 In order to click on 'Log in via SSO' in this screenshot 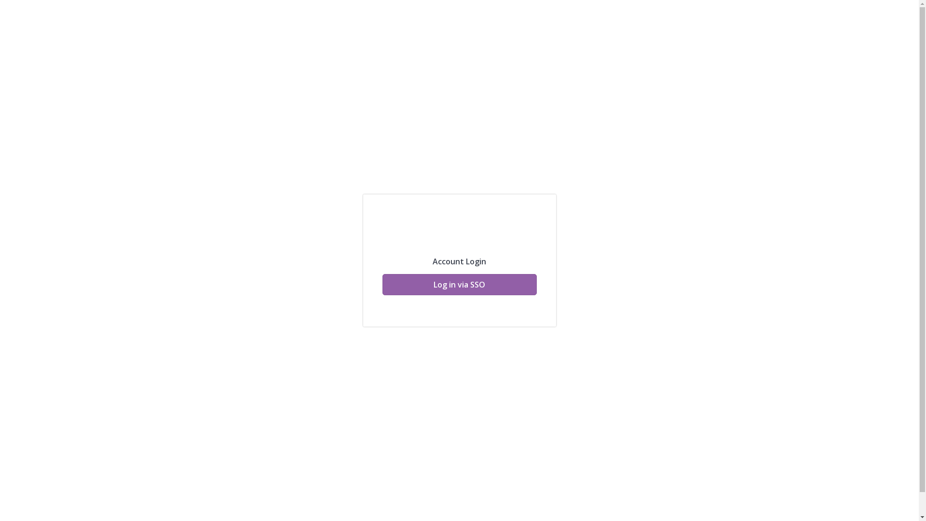, I will do `click(458, 284)`.